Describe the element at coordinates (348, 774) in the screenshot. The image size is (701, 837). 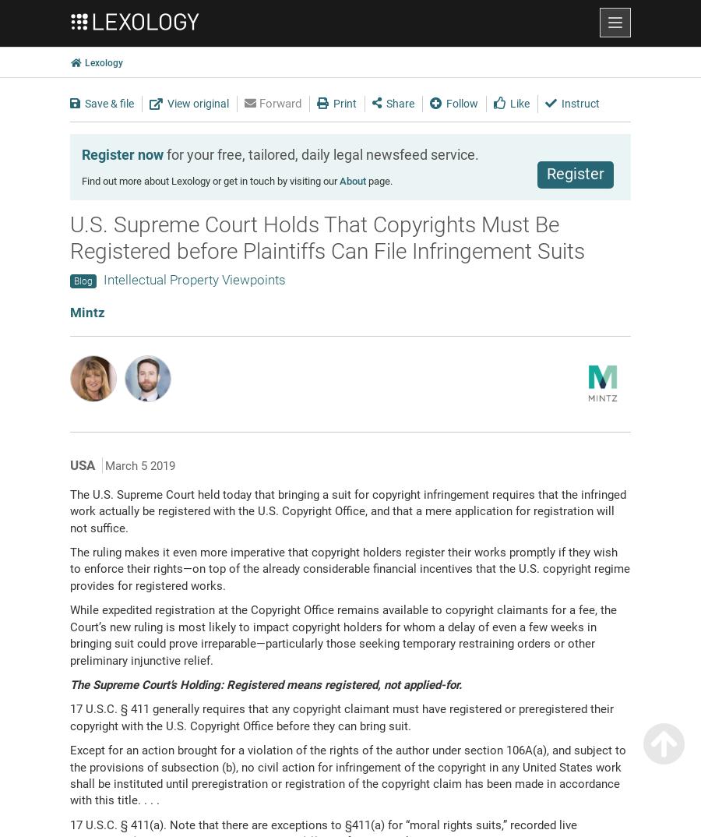
I see `'Except for an action brought for a violation of the rights of the author under section 106A(a), and subject to the provisions of subsection (b), no civil action for infringement of the copyright in any United States work shall be instituted until preregistration or registration of the copyright claim has been made in accordance with this title. . . .'` at that location.